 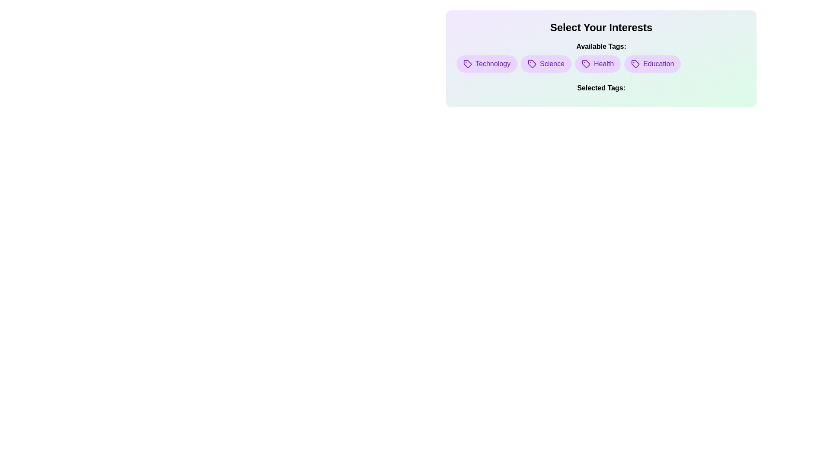 I want to click on the interactive tag button located in the 'Available Tags' section, so click(x=586, y=63).